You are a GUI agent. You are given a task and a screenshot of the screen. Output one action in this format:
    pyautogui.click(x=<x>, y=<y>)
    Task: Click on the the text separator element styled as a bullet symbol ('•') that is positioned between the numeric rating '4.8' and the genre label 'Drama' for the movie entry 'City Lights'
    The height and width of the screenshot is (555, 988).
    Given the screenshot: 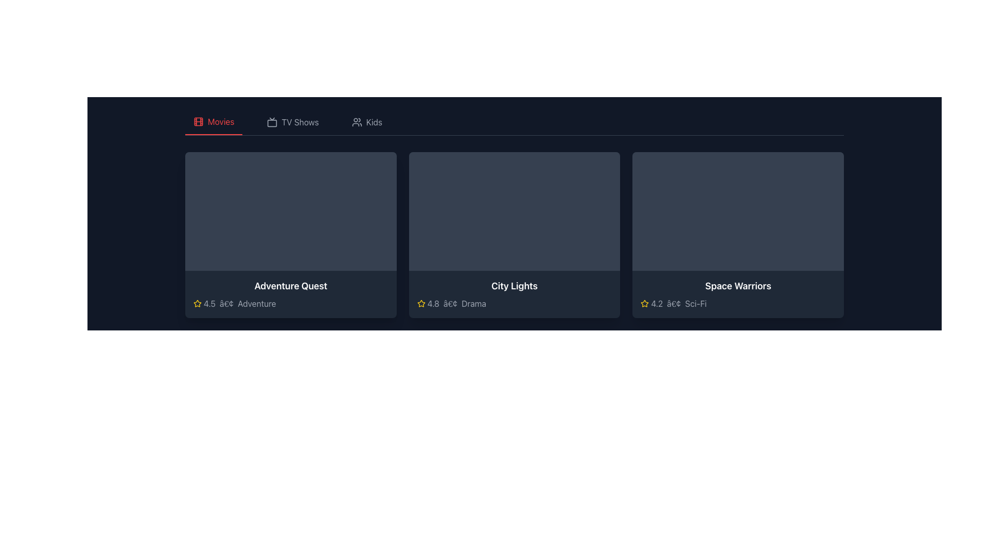 What is the action you would take?
    pyautogui.click(x=450, y=303)
    